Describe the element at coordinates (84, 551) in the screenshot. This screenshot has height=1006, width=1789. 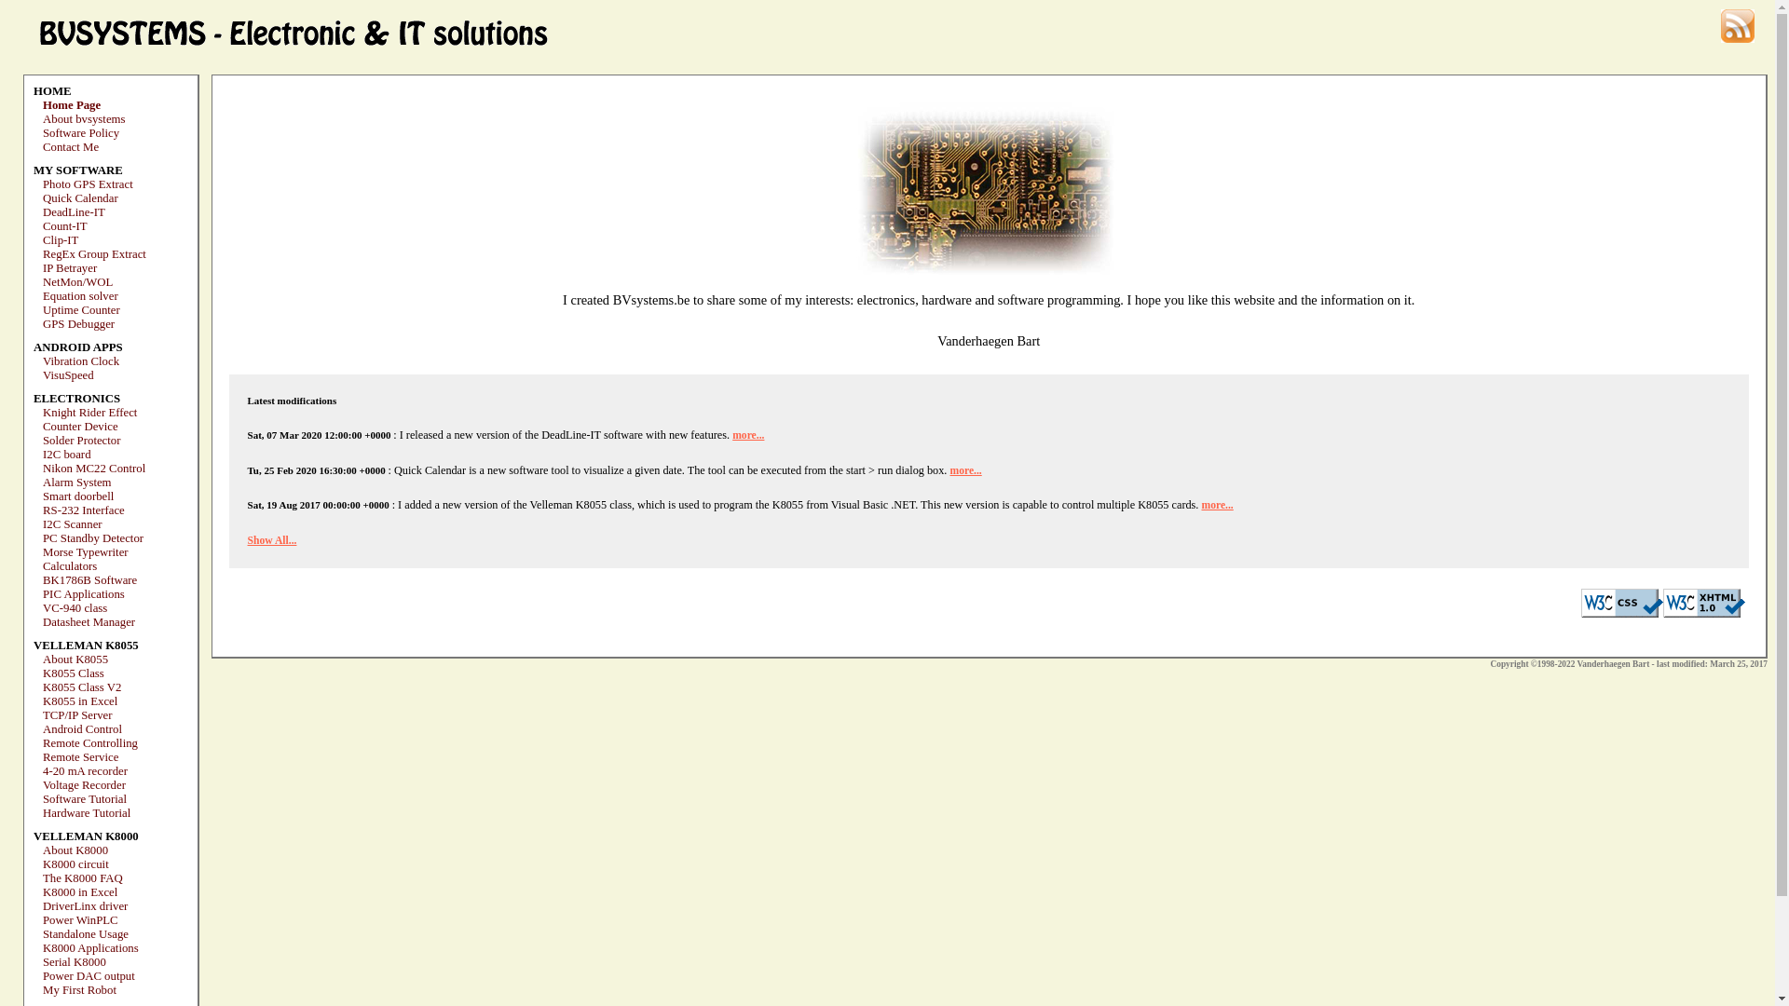
I see `'Morse Typewriter'` at that location.